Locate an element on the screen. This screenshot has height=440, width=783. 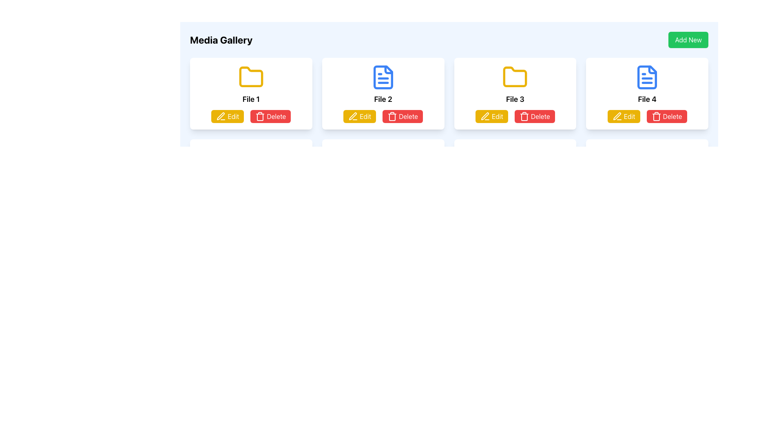
the edit button for 'File 4' to trigger the hover effect is located at coordinates (623, 116).